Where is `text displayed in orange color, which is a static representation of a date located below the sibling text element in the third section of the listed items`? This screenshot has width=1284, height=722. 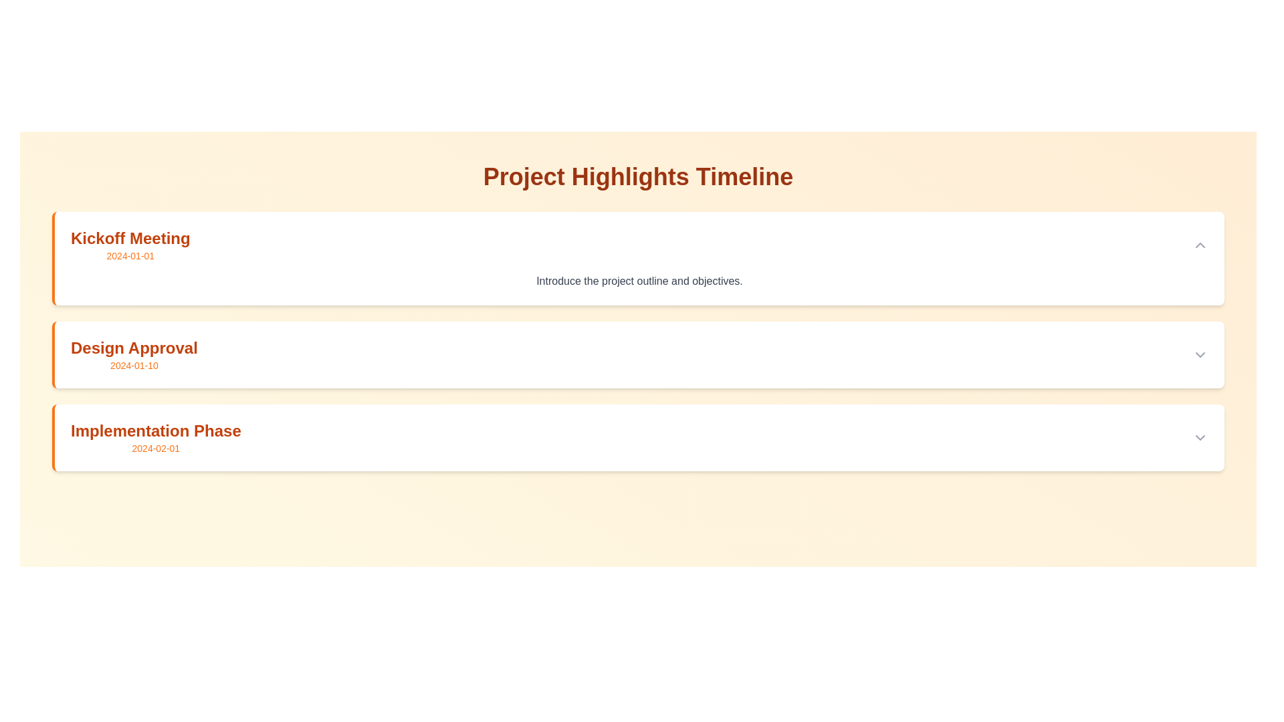
text displayed in orange color, which is a static representation of a date located below the sibling text element in the third section of the listed items is located at coordinates (156, 449).